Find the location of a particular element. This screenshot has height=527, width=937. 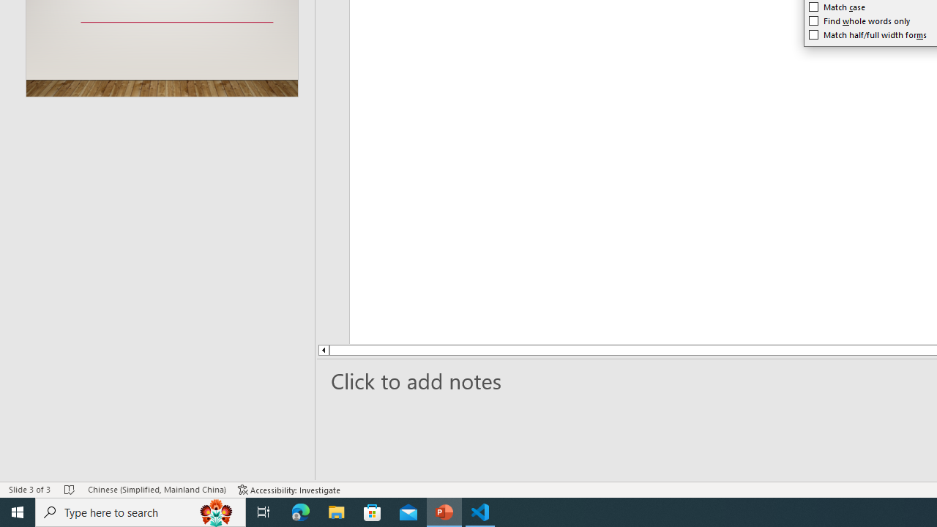

'Start' is located at coordinates (18, 511).